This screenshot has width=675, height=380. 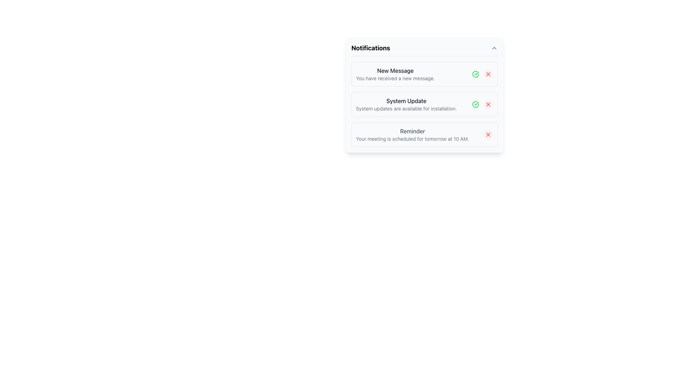 I want to click on descriptive text about the 'New Message' notification located beneath the header text within the notification card, so click(x=395, y=78).